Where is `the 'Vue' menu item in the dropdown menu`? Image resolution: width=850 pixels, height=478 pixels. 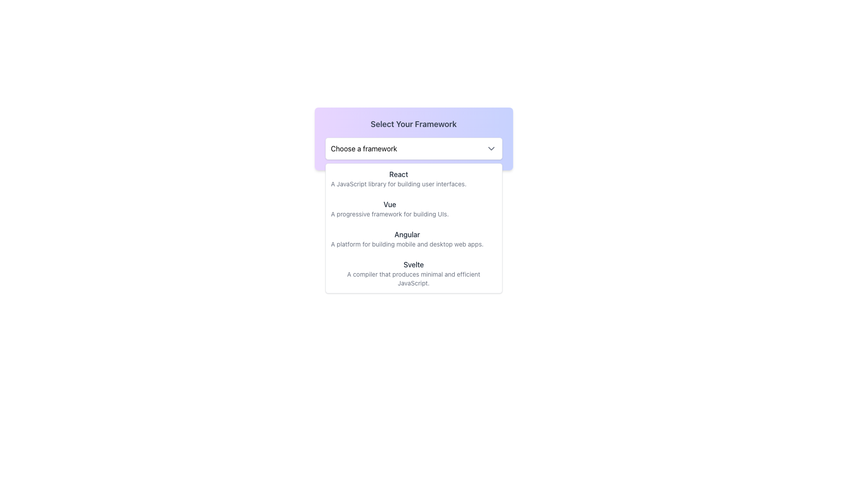
the 'Vue' menu item in the dropdown menu is located at coordinates (413, 208).